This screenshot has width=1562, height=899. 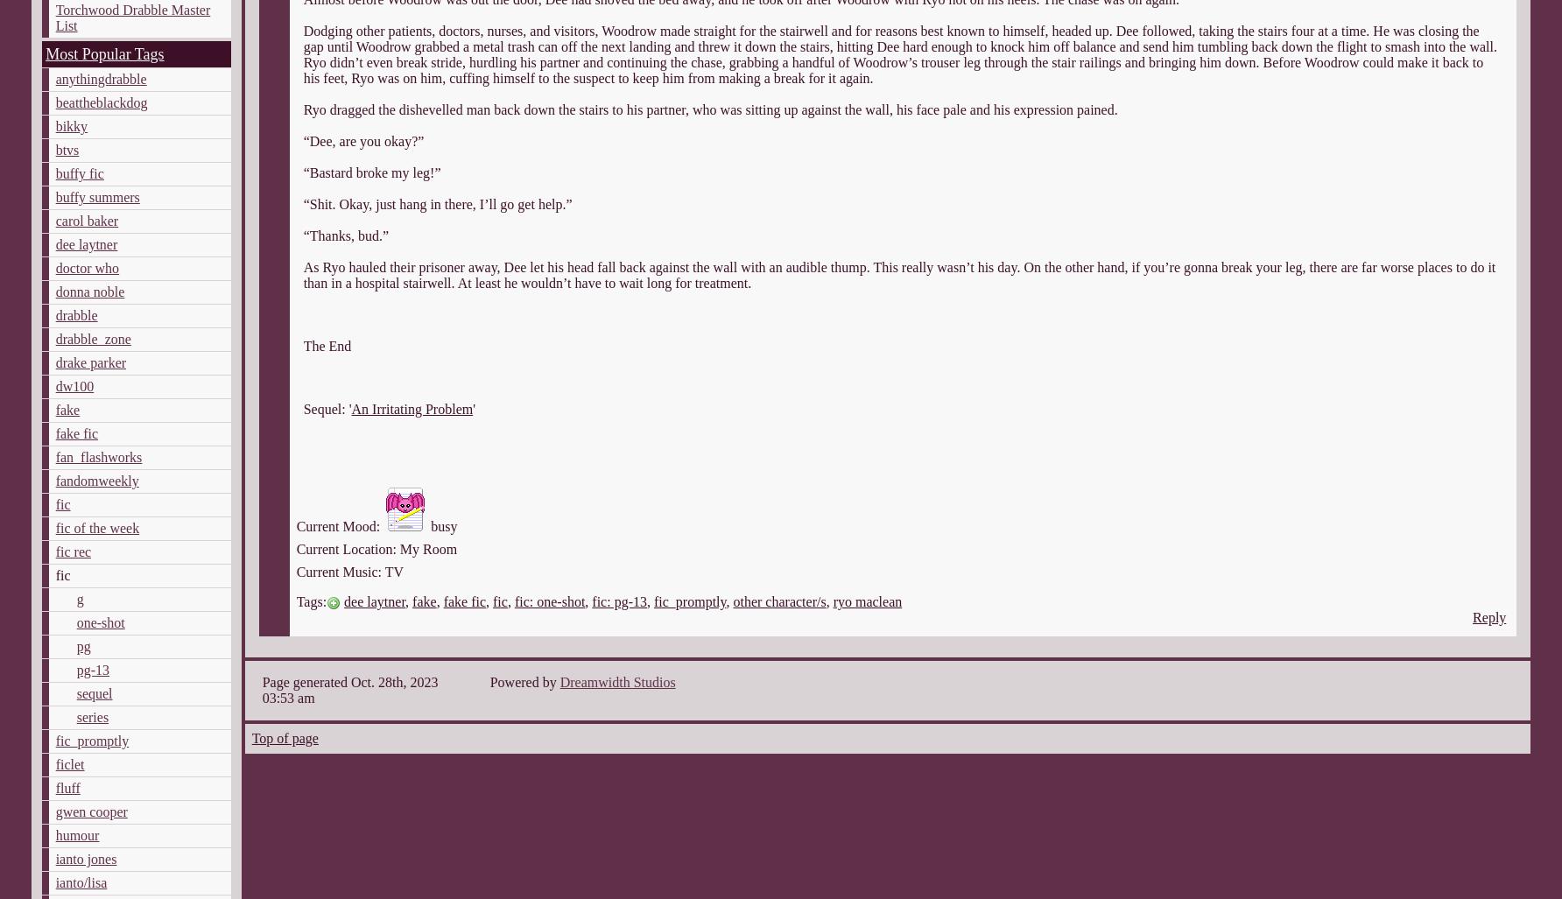 I want to click on 'donna noble', so click(x=89, y=291).